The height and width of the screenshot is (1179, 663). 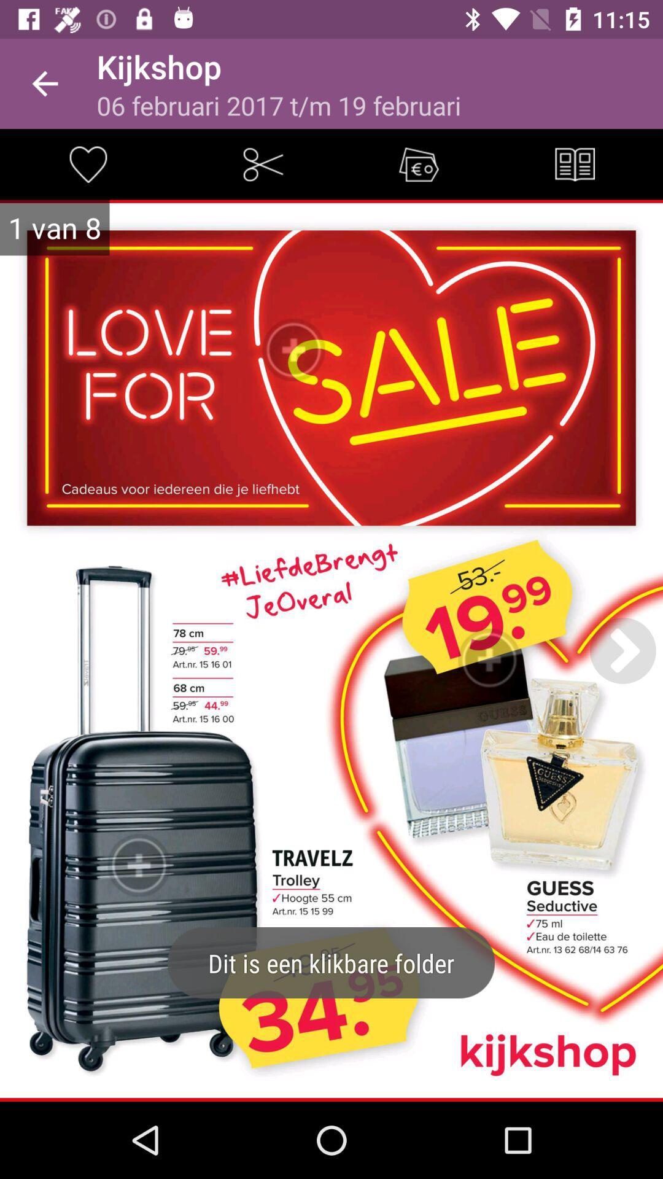 What do you see at coordinates (44, 83) in the screenshot?
I see `item to the left of kijkshop icon` at bounding box center [44, 83].